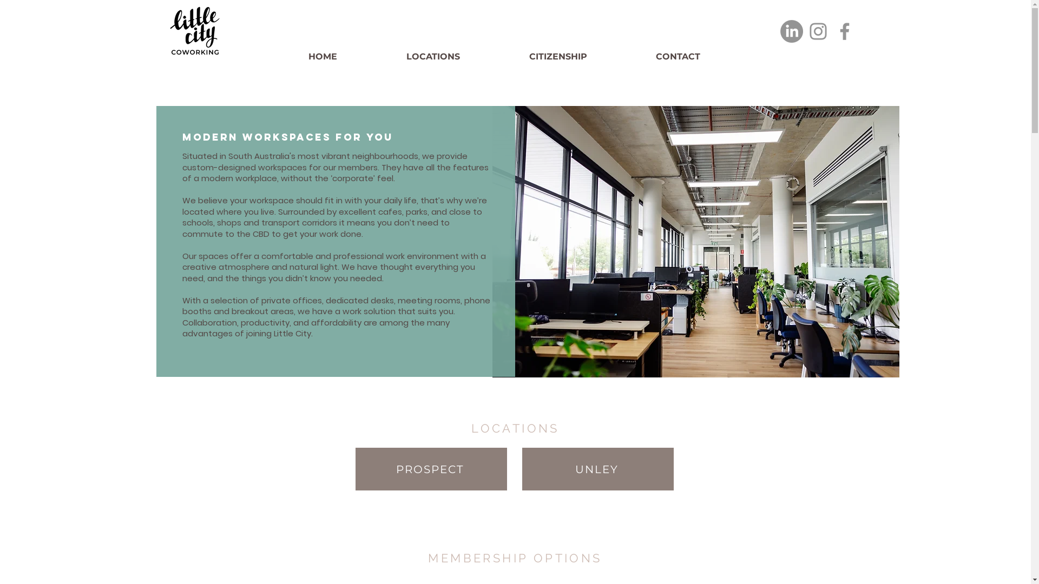 The image size is (1039, 584). I want to click on 'HOME', so click(303, 56).